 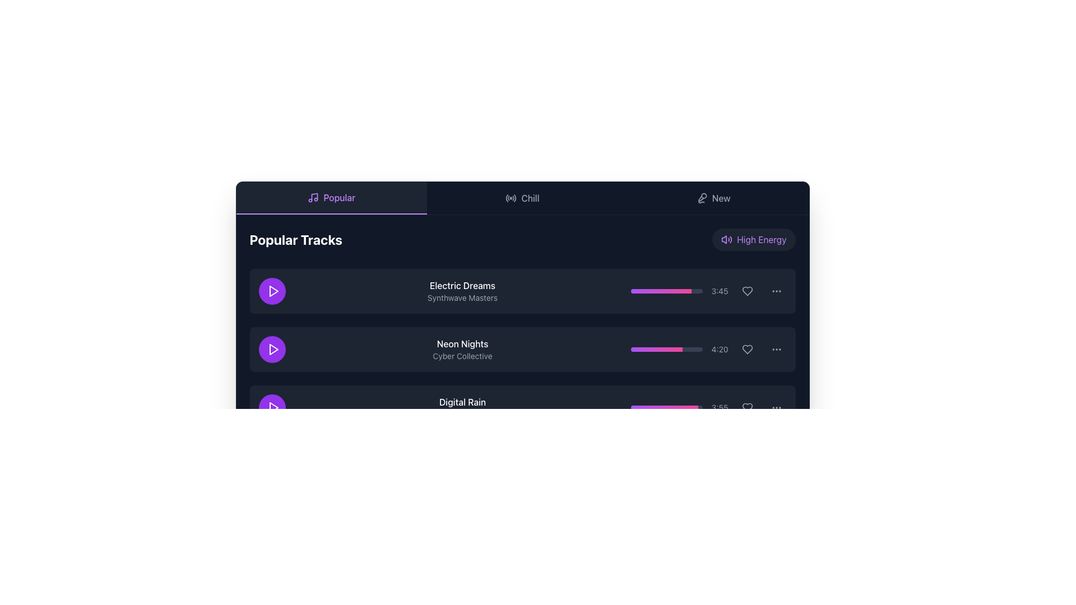 What do you see at coordinates (747, 349) in the screenshot?
I see `the heart-shaped interactive button with a minimalist outline located at the center-right of the second track item, which is positioned to the right of the time display '4:20'` at bounding box center [747, 349].